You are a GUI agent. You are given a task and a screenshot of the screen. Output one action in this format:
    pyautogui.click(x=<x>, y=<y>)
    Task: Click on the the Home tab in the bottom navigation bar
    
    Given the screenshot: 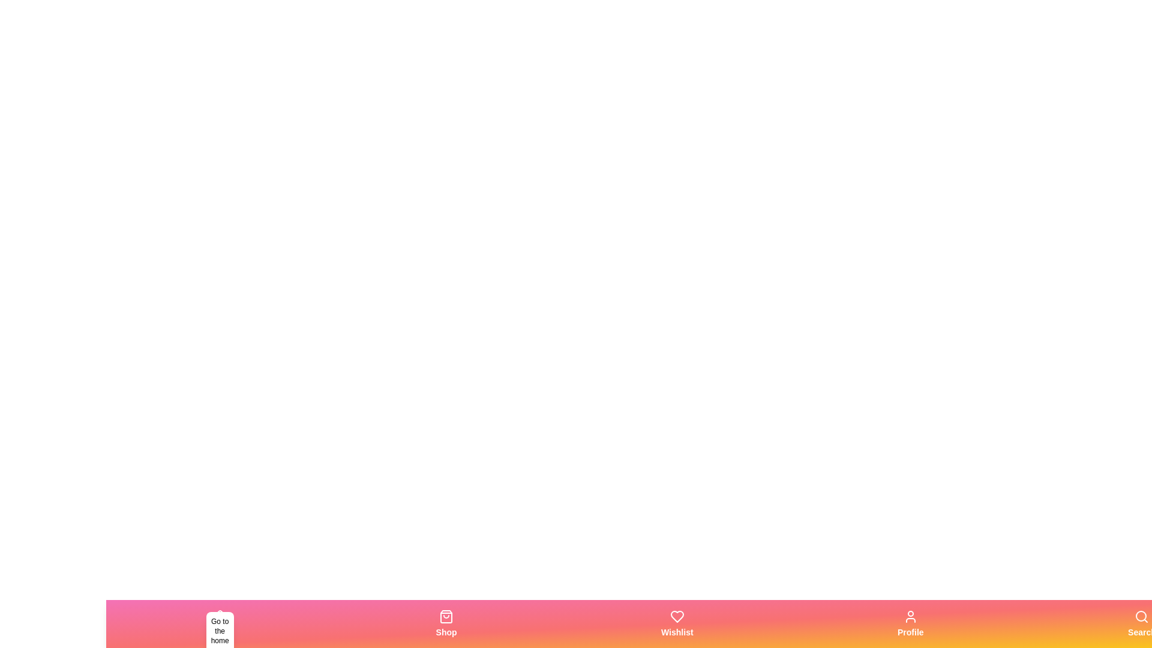 What is the action you would take?
    pyautogui.click(x=219, y=623)
    